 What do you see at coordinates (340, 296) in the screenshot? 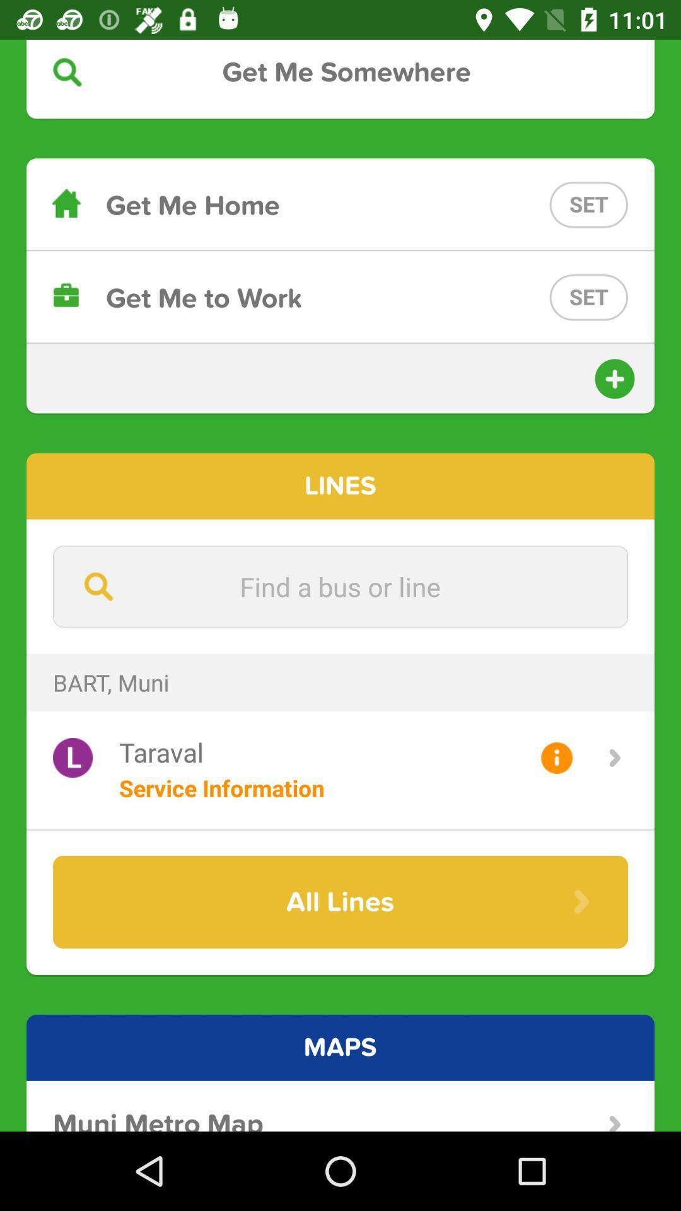
I see `the text below get me home` at bounding box center [340, 296].